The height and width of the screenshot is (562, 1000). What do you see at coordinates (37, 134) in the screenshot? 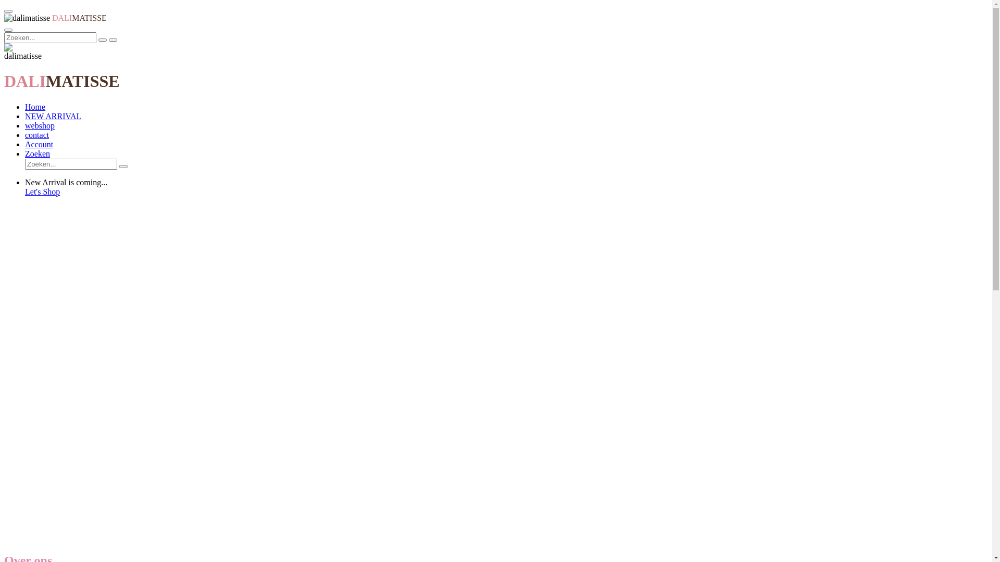
I see `'contact'` at bounding box center [37, 134].